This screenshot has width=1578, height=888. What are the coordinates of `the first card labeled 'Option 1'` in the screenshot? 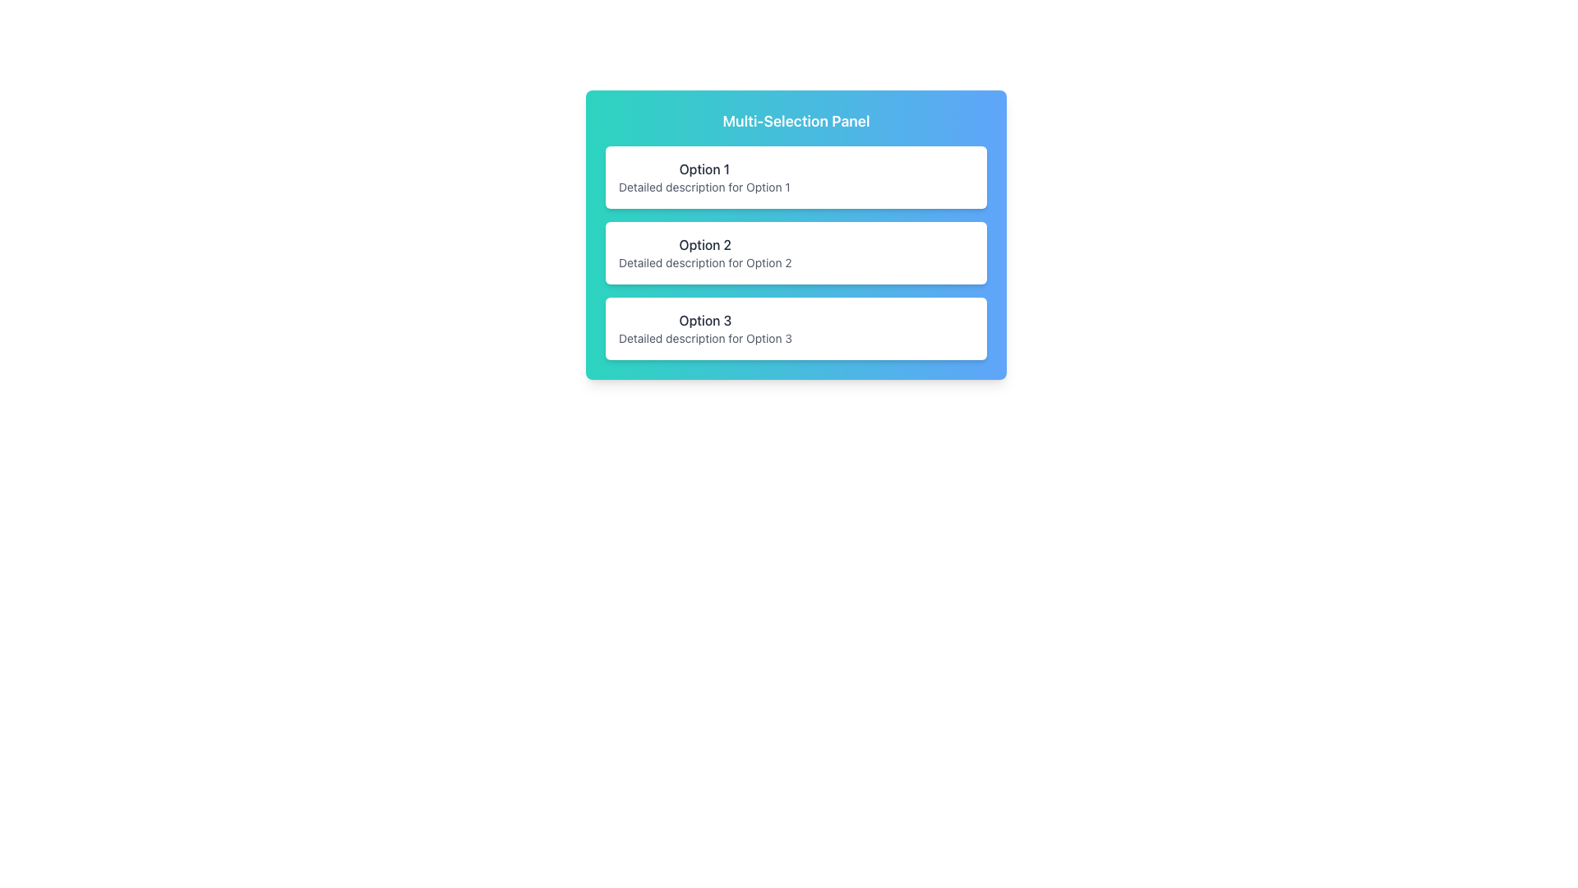 It's located at (704, 178).